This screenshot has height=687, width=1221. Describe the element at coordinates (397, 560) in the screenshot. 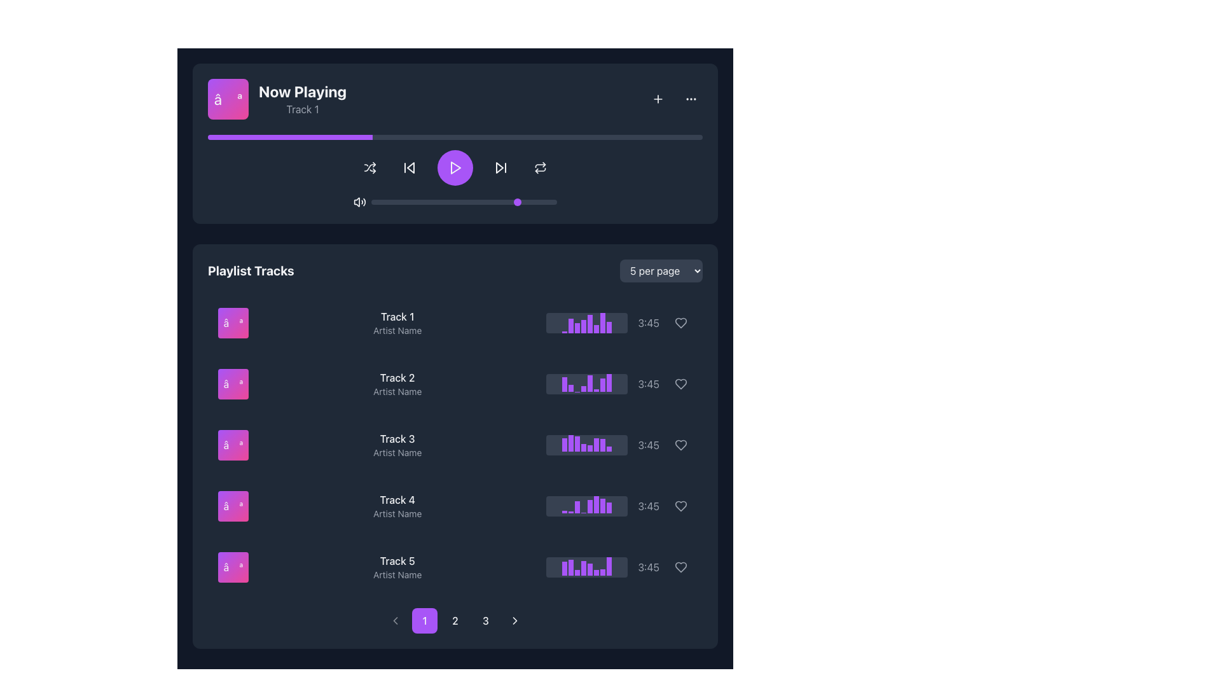

I see `the text label displaying 'Track 5'` at that location.